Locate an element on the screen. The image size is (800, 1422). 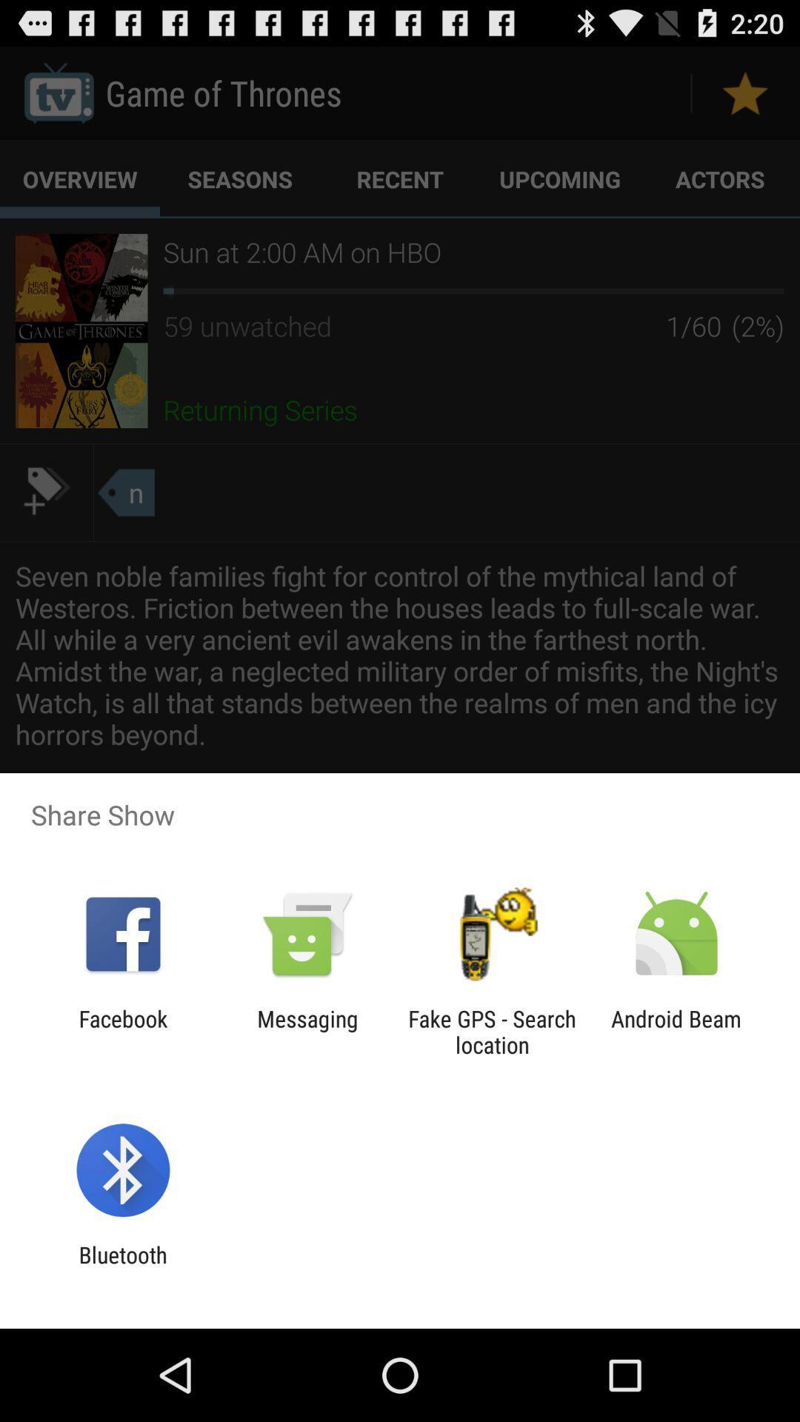
facebook is located at coordinates (122, 1031).